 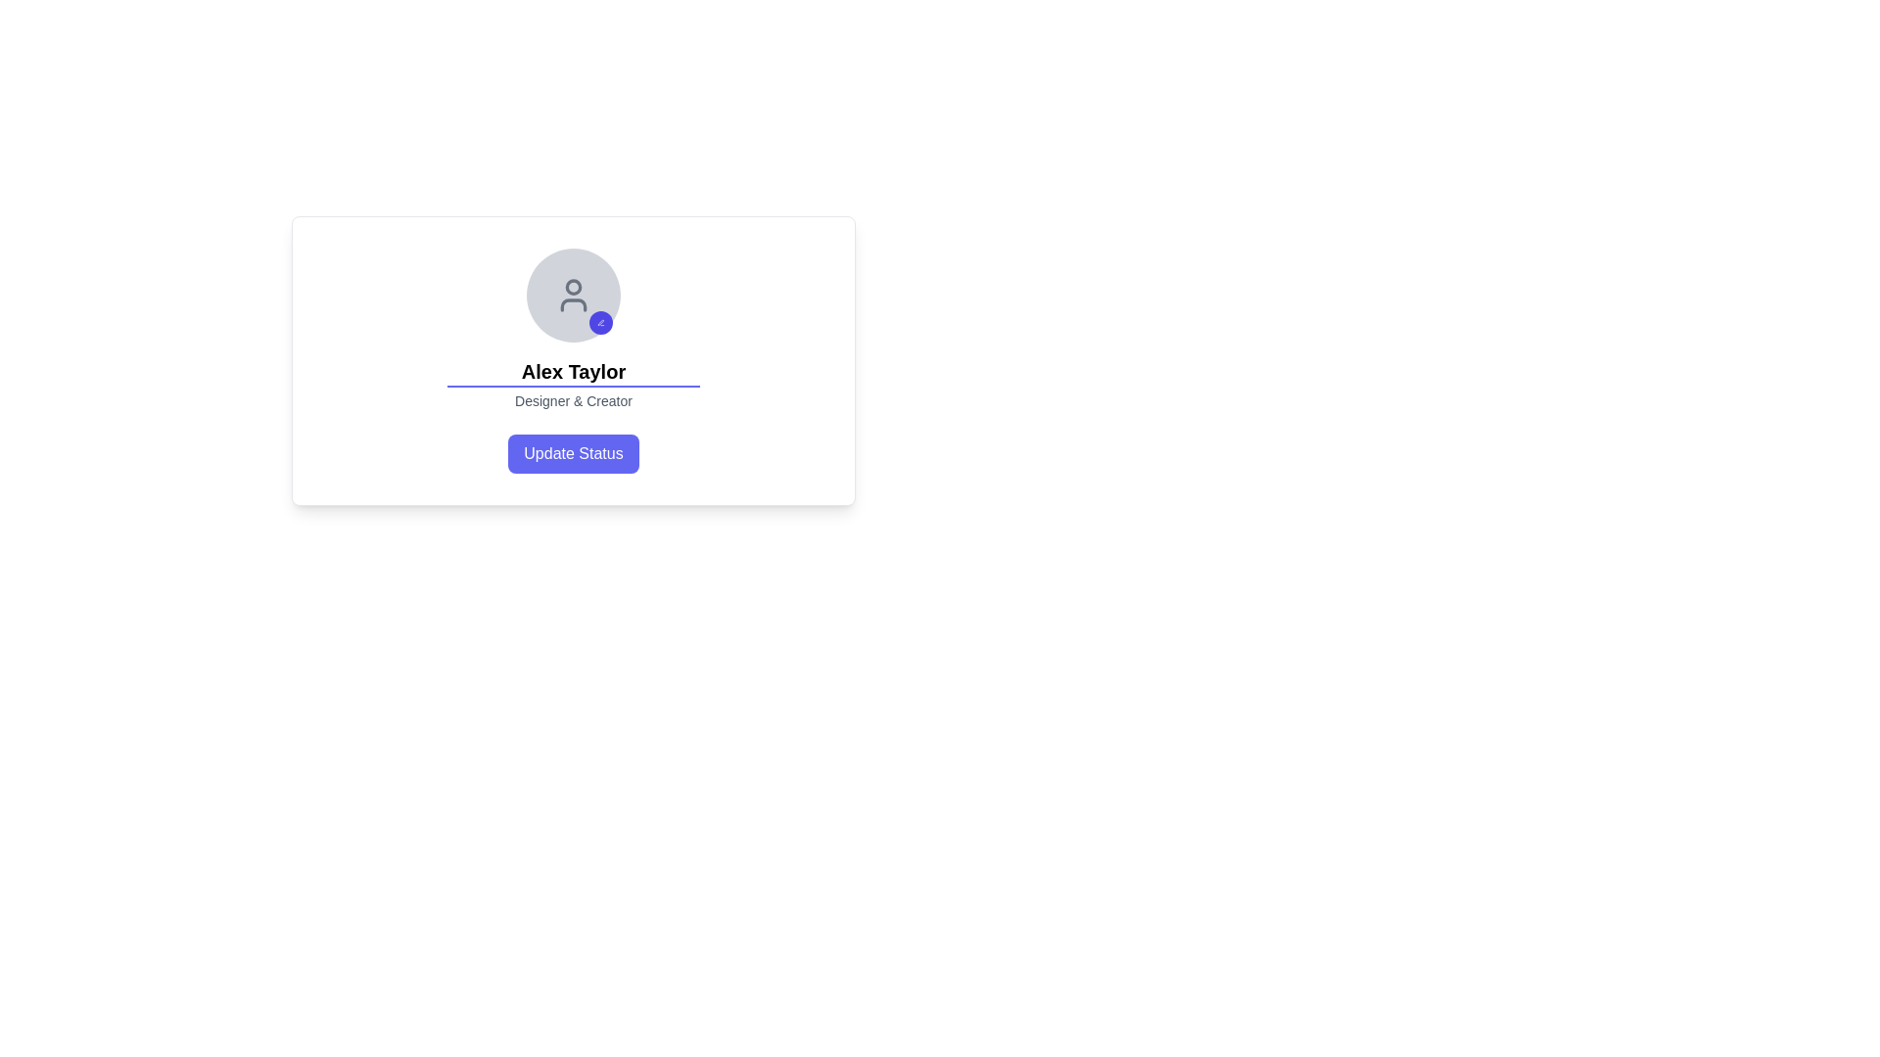 I want to click on the 'Update Status' button, which is a rectangular button with a deep blue background and white text located at the lower section of a user profile card, so click(x=572, y=453).